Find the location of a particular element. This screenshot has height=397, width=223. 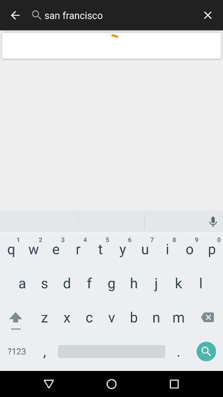

the close icon is located at coordinates (207, 14).